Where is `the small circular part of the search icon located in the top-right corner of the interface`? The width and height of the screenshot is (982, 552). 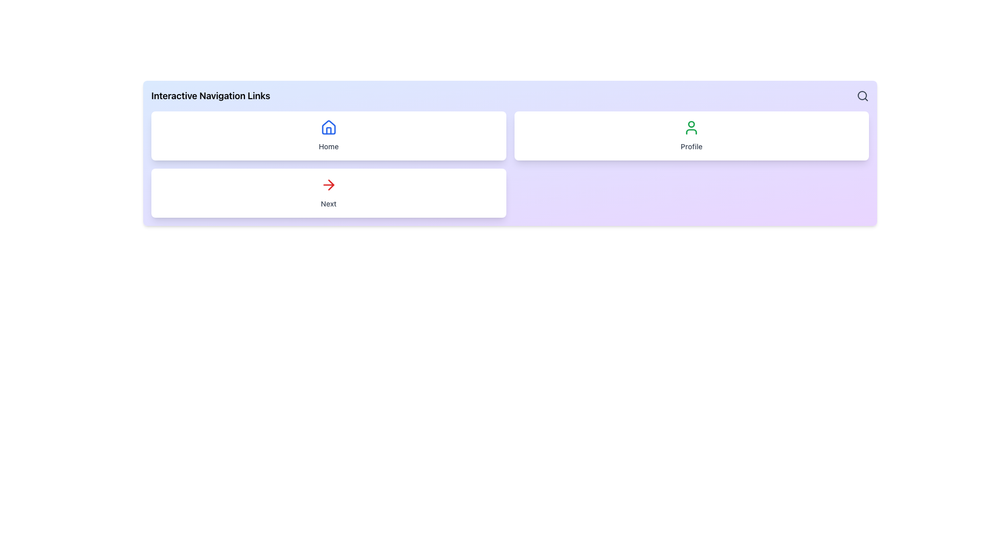
the small circular part of the search icon located in the top-right corner of the interface is located at coordinates (861, 95).